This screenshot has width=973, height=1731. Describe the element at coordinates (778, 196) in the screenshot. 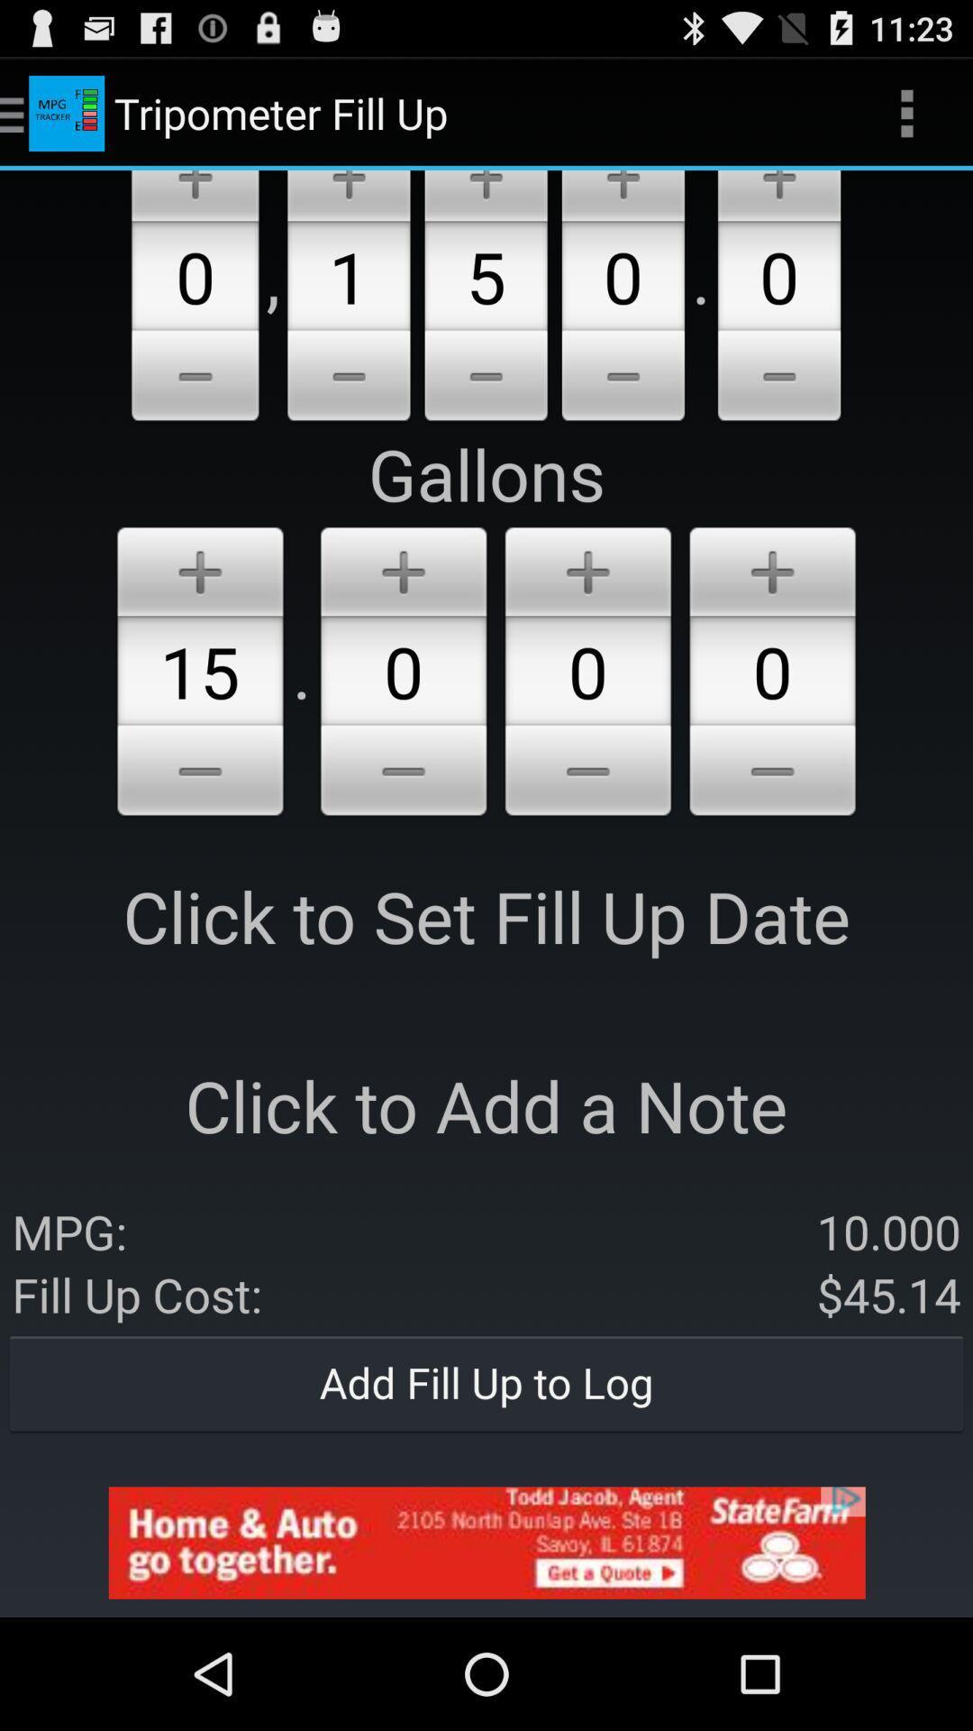

I see `increase millage` at that location.